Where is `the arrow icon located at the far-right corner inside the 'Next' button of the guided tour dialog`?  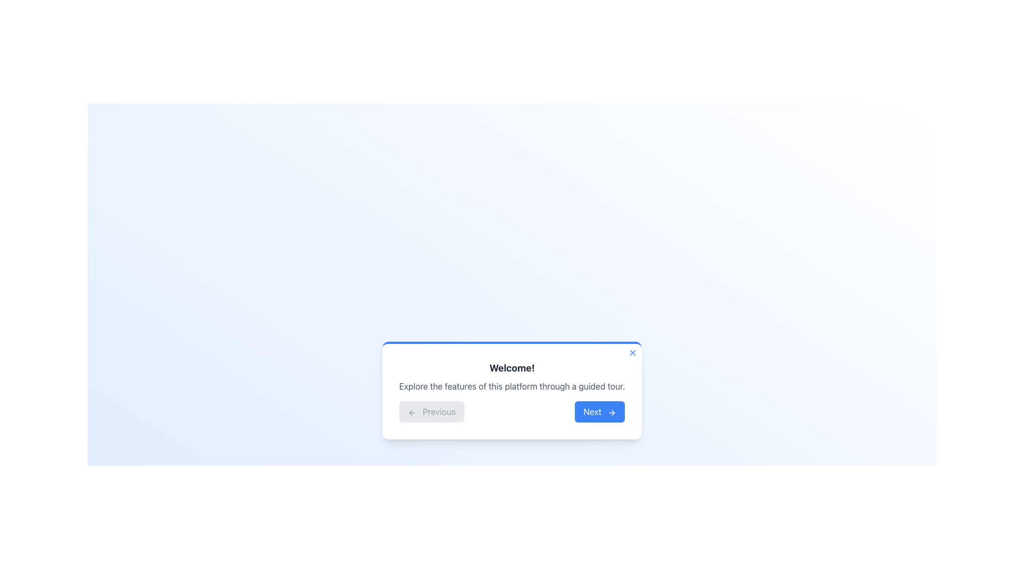 the arrow icon located at the far-right corner inside the 'Next' button of the guided tour dialog is located at coordinates (612, 412).